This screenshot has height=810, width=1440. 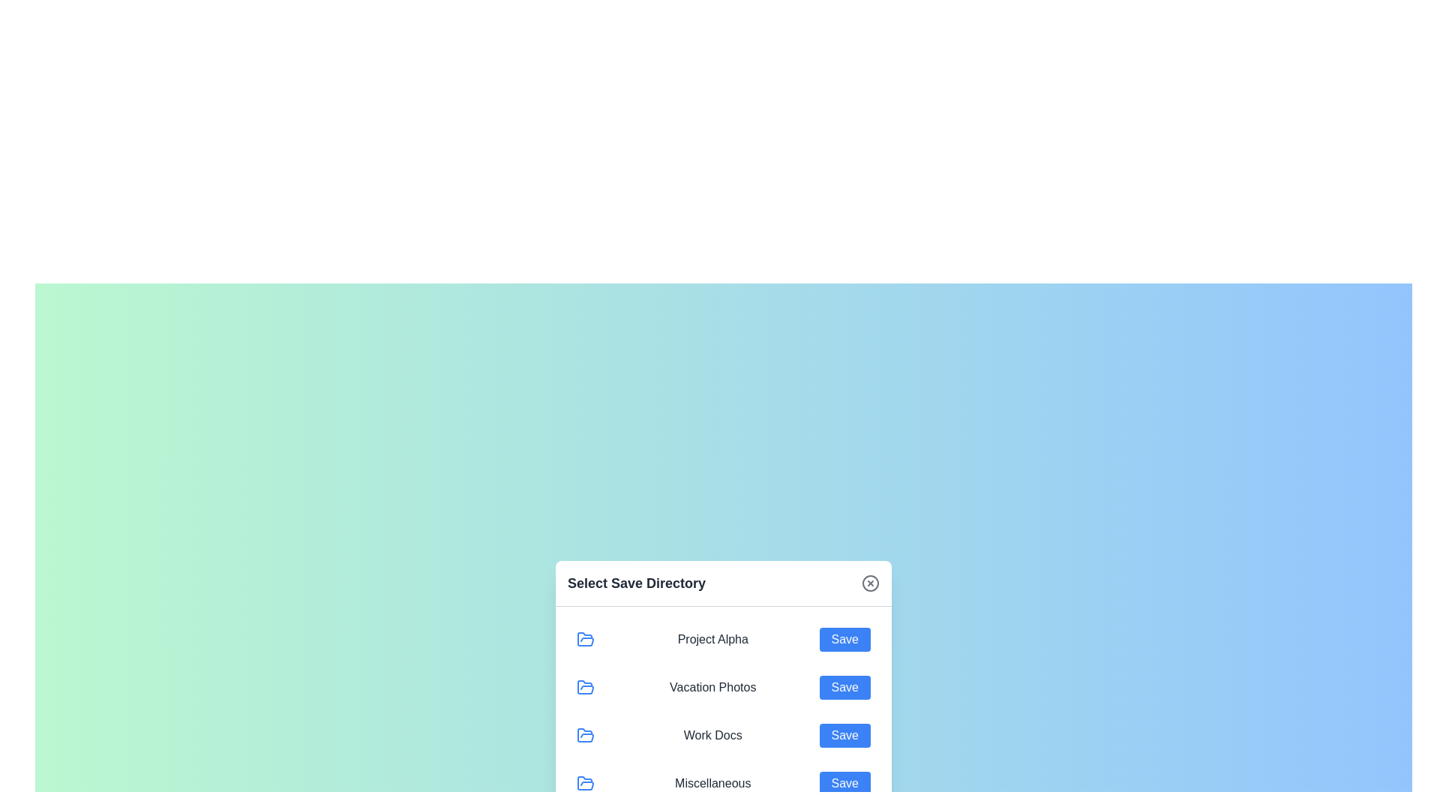 What do you see at coordinates (871, 582) in the screenshot?
I see `close button to close the dialog` at bounding box center [871, 582].